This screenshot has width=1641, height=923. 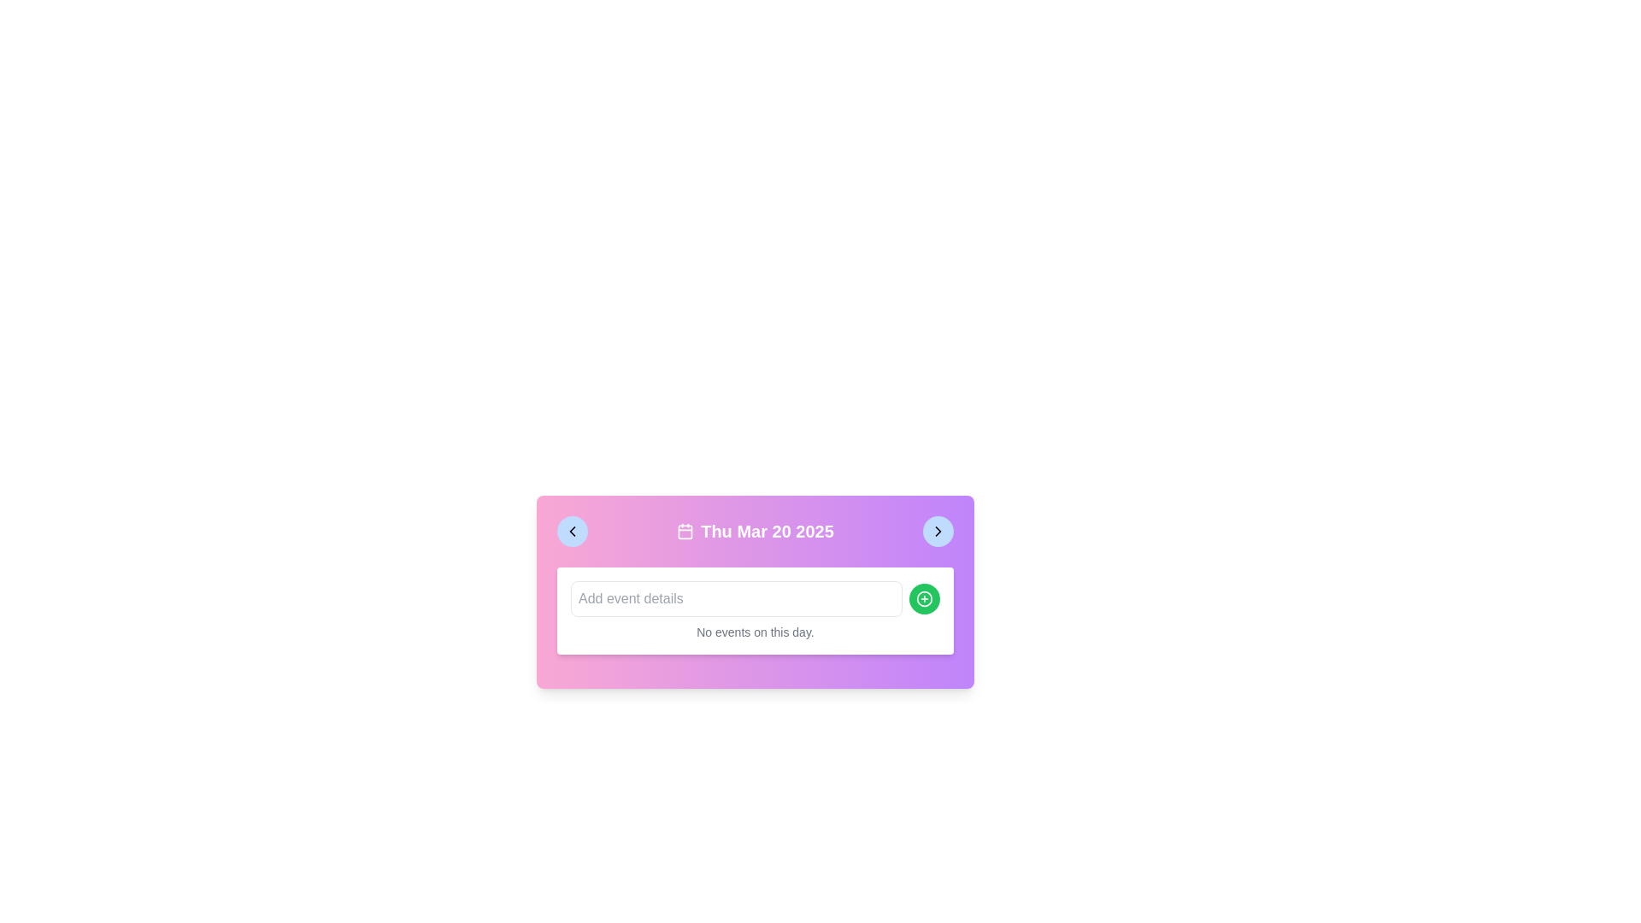 I want to click on the 'Add New Entry' button located to the right of the 'Add event details' text input field, so click(x=923, y=598).